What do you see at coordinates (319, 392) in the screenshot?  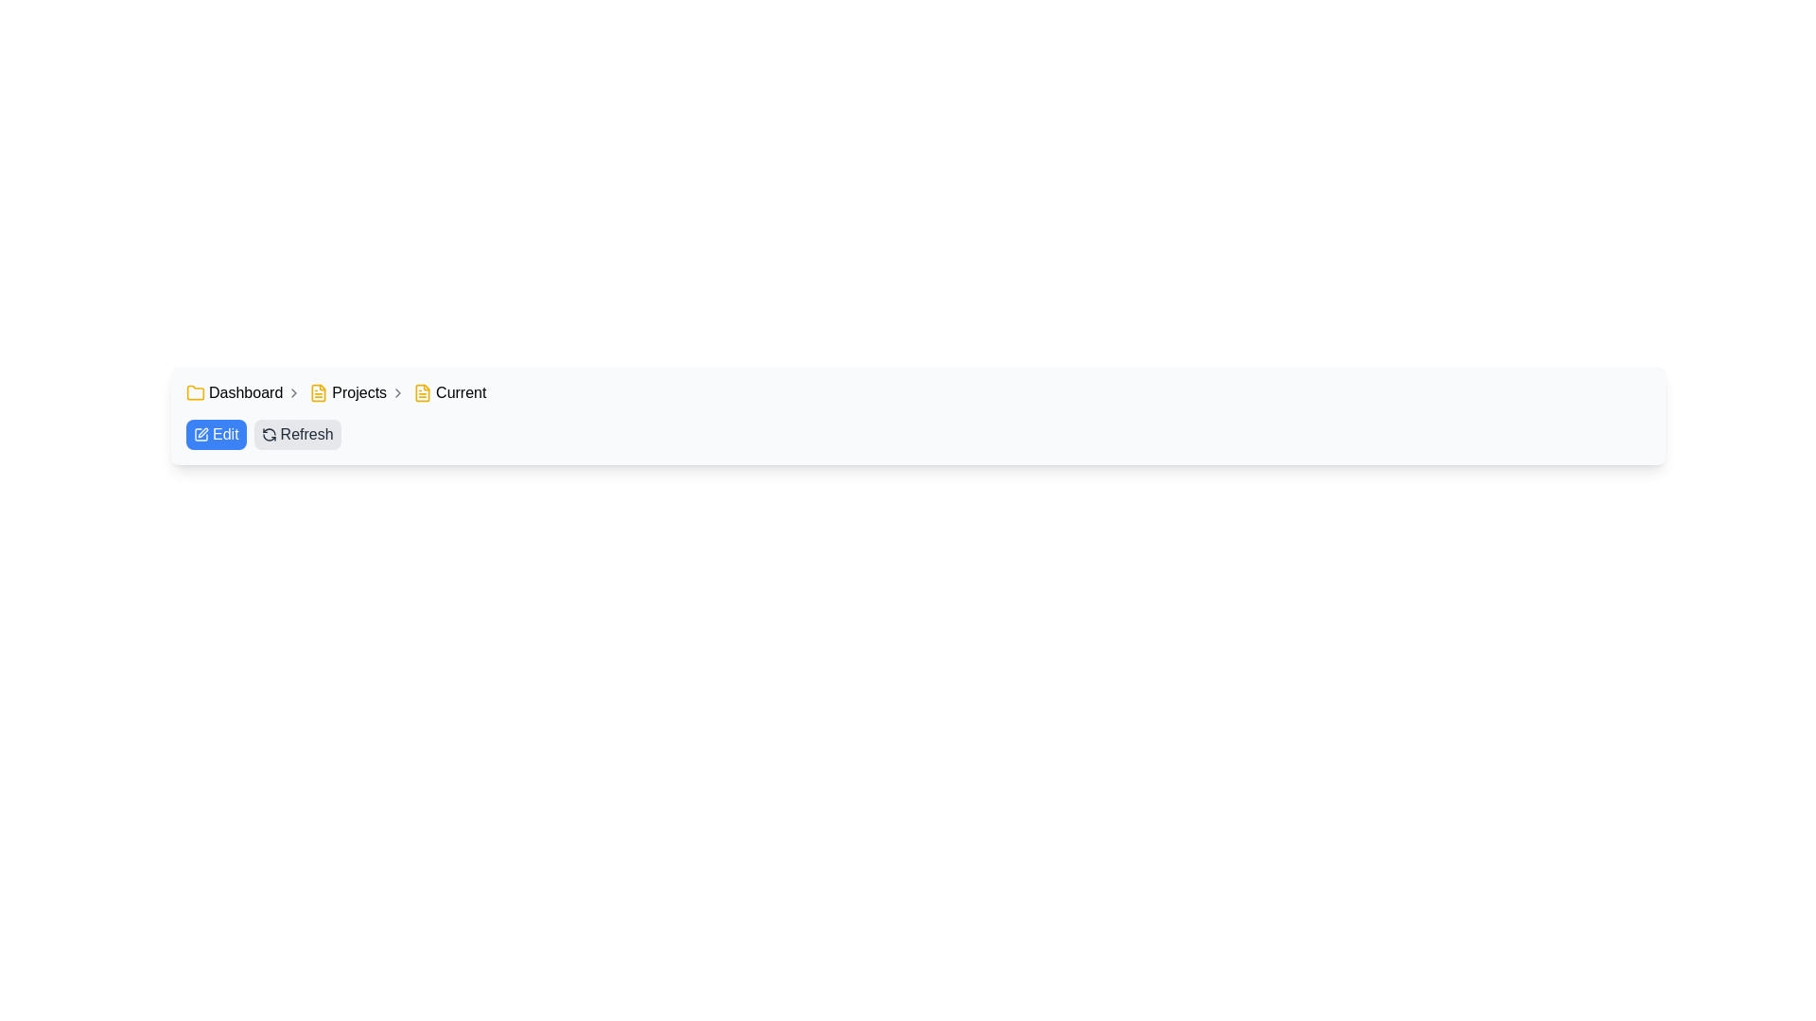 I see `the yellow document icon located to the left of the 'Projects' label in the breadcrumb navigation` at bounding box center [319, 392].